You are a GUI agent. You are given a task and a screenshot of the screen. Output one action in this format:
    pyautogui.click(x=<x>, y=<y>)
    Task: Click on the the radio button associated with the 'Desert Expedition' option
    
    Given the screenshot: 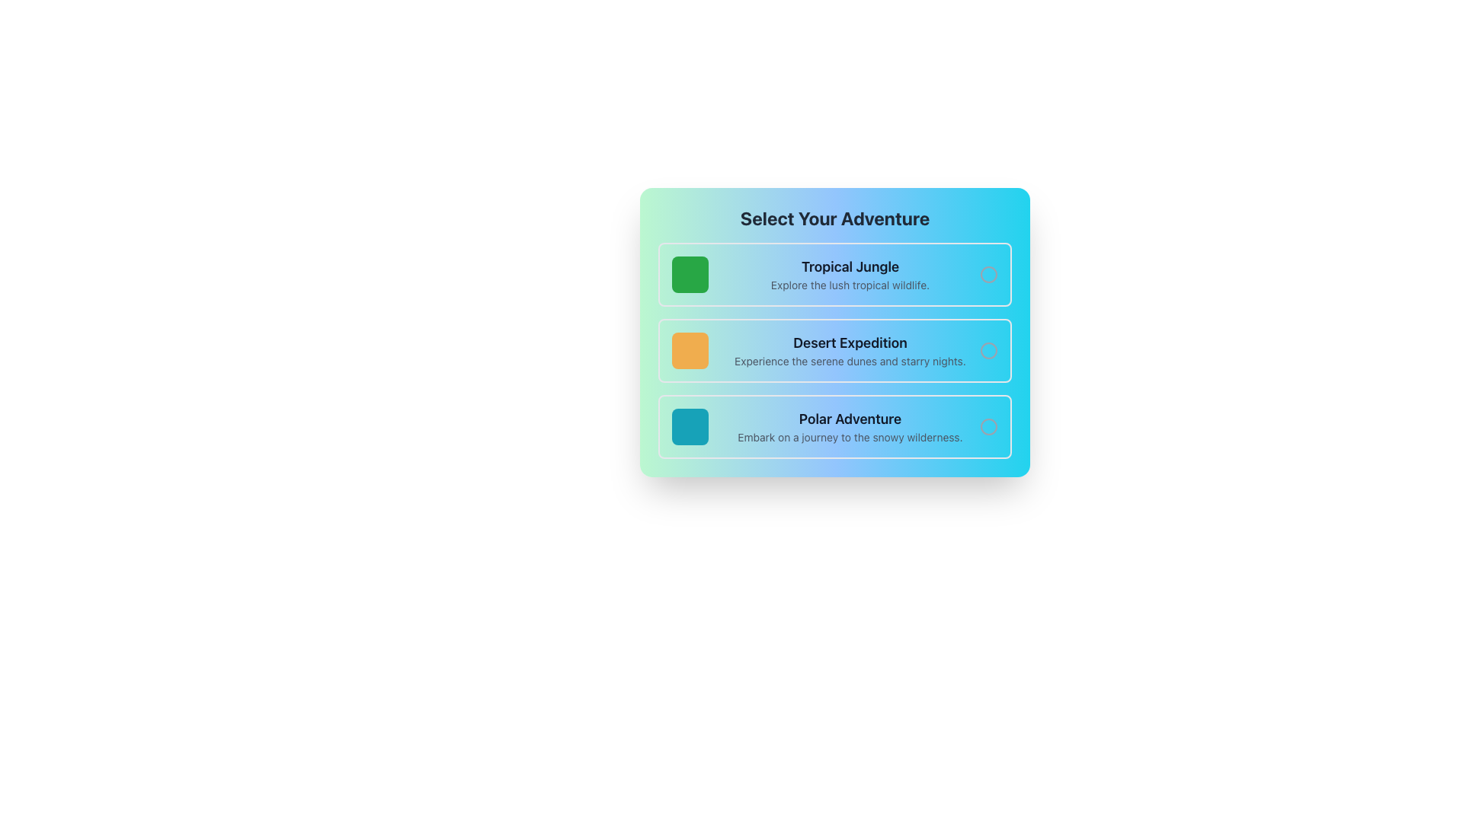 What is the action you would take?
    pyautogui.click(x=988, y=351)
    